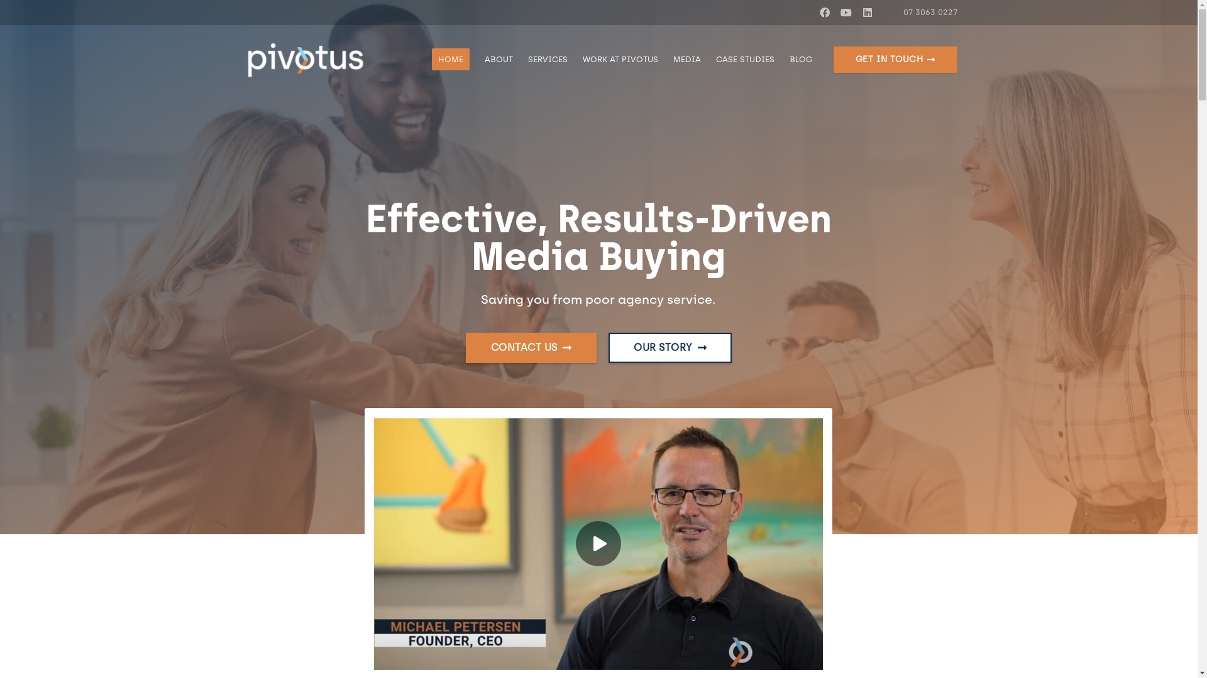  What do you see at coordinates (531, 348) in the screenshot?
I see `'CONTACT US'` at bounding box center [531, 348].